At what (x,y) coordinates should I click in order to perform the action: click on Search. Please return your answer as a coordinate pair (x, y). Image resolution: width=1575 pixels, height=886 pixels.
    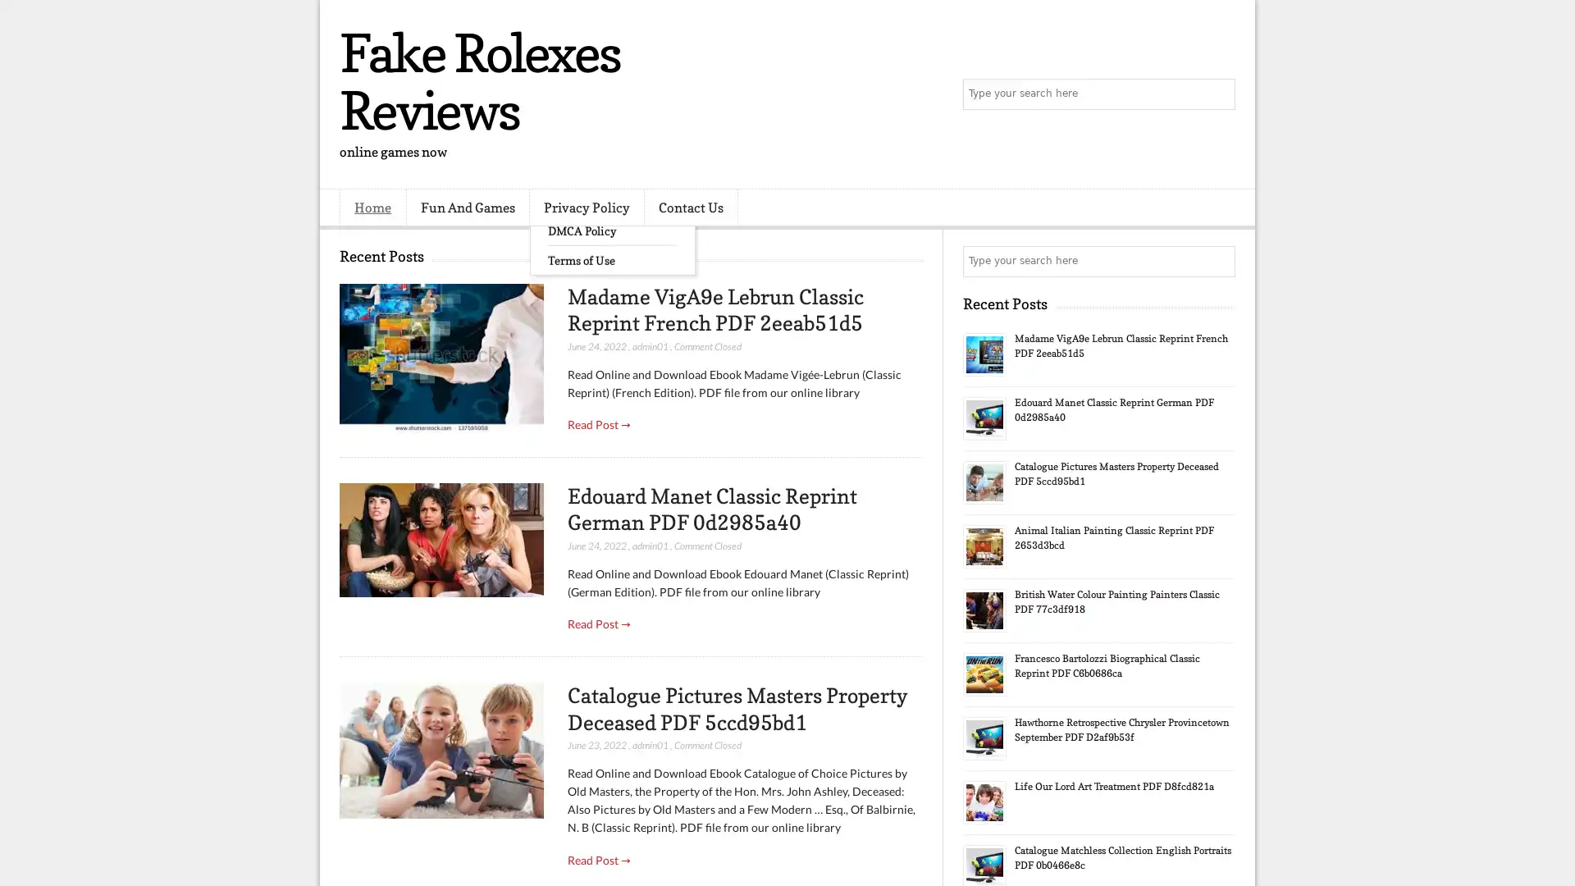
    Looking at the image, I should click on (1218, 94).